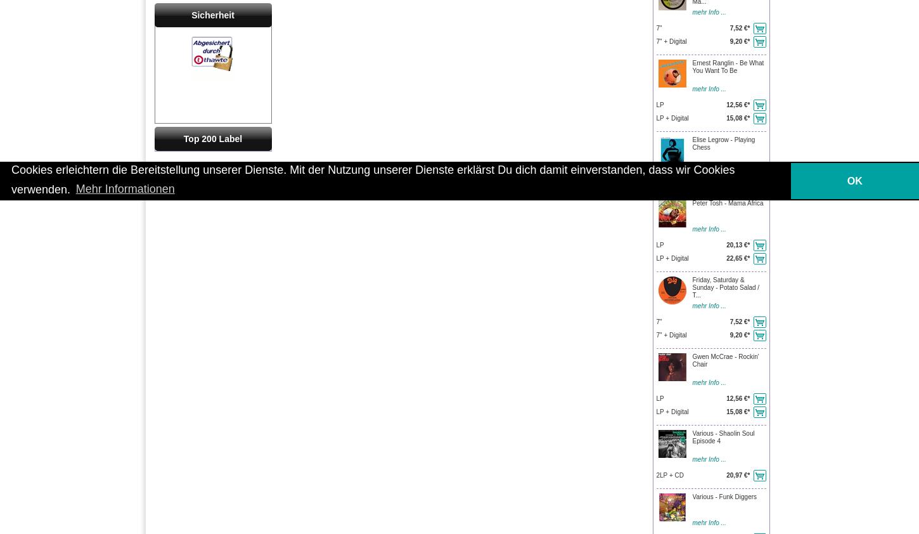 The width and height of the screenshot is (919, 534). What do you see at coordinates (691, 437) in the screenshot?
I see `'Various - Shaolin Soul Episode 4'` at bounding box center [691, 437].